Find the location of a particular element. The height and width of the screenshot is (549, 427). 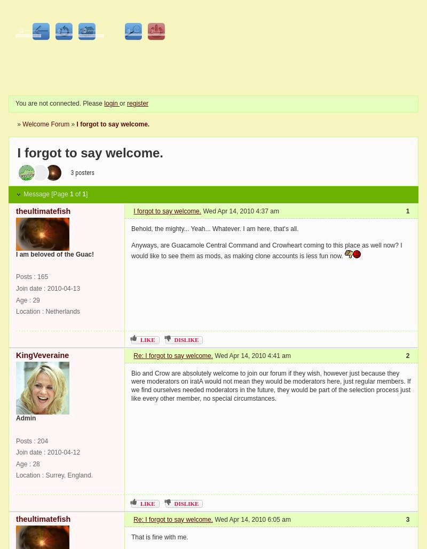

'204' is located at coordinates (37, 440).